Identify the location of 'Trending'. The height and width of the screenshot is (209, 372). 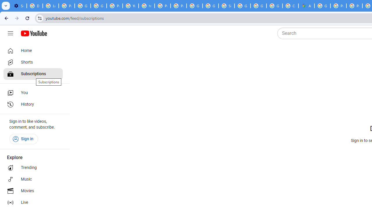
(33, 168).